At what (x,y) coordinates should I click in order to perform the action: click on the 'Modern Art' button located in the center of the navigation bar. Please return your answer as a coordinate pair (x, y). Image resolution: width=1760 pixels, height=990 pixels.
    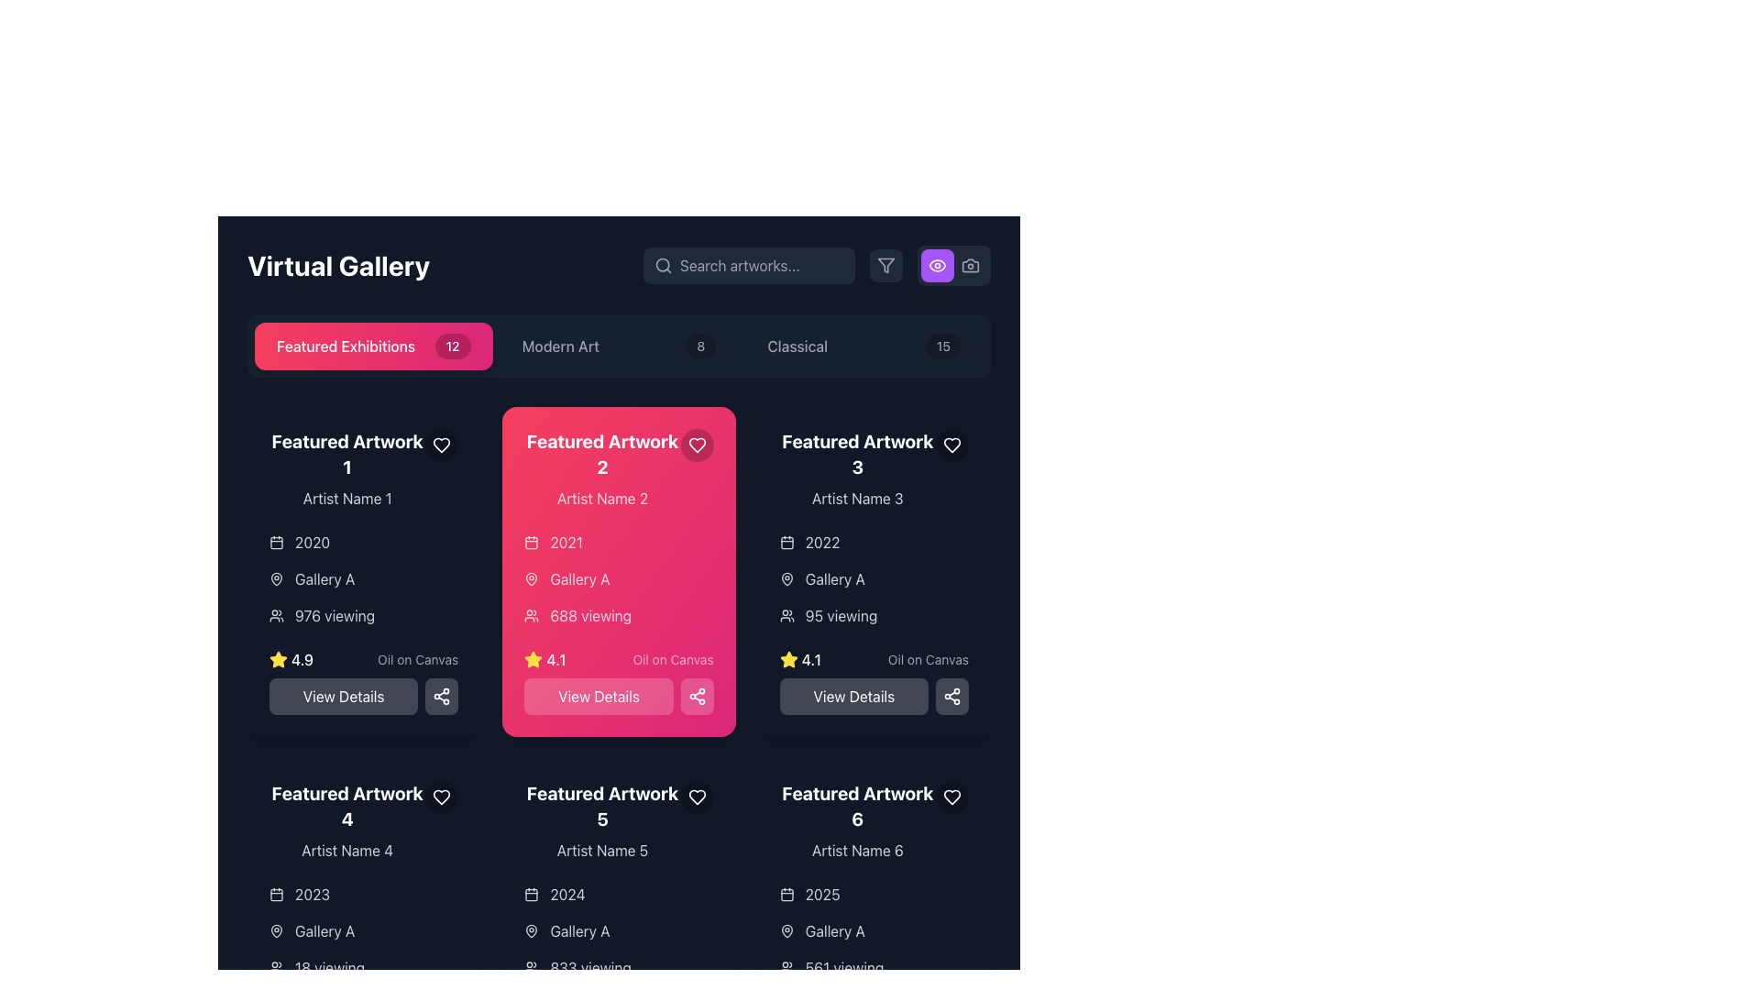
    Looking at the image, I should click on (619, 346).